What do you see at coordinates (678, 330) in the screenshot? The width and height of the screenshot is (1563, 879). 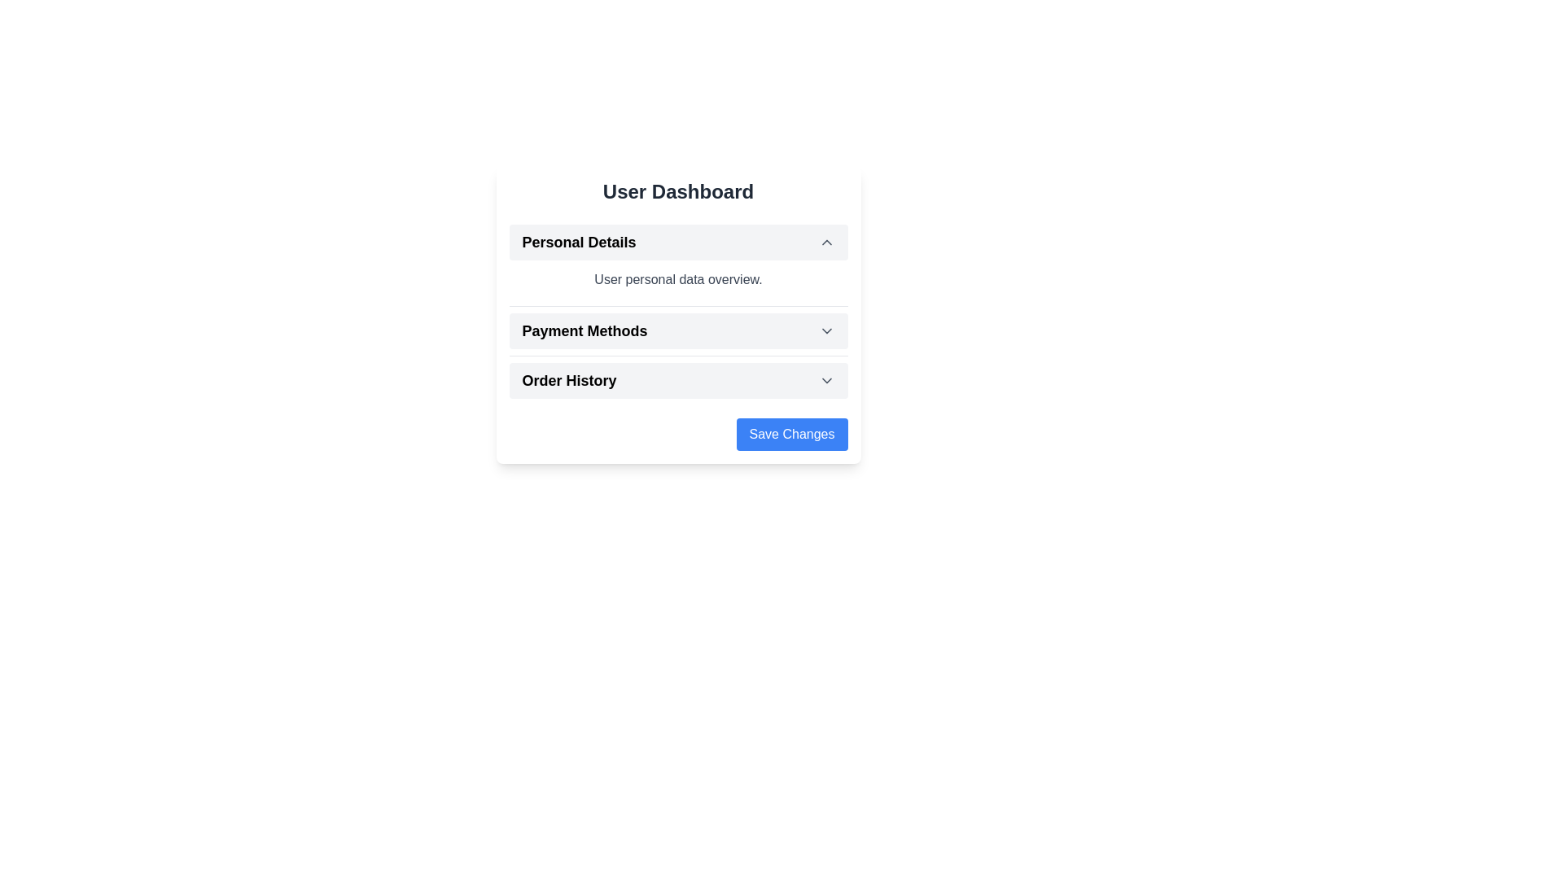 I see `the dropdown menu toggle located centrally between 'Personal Details' and 'Order History'` at bounding box center [678, 330].